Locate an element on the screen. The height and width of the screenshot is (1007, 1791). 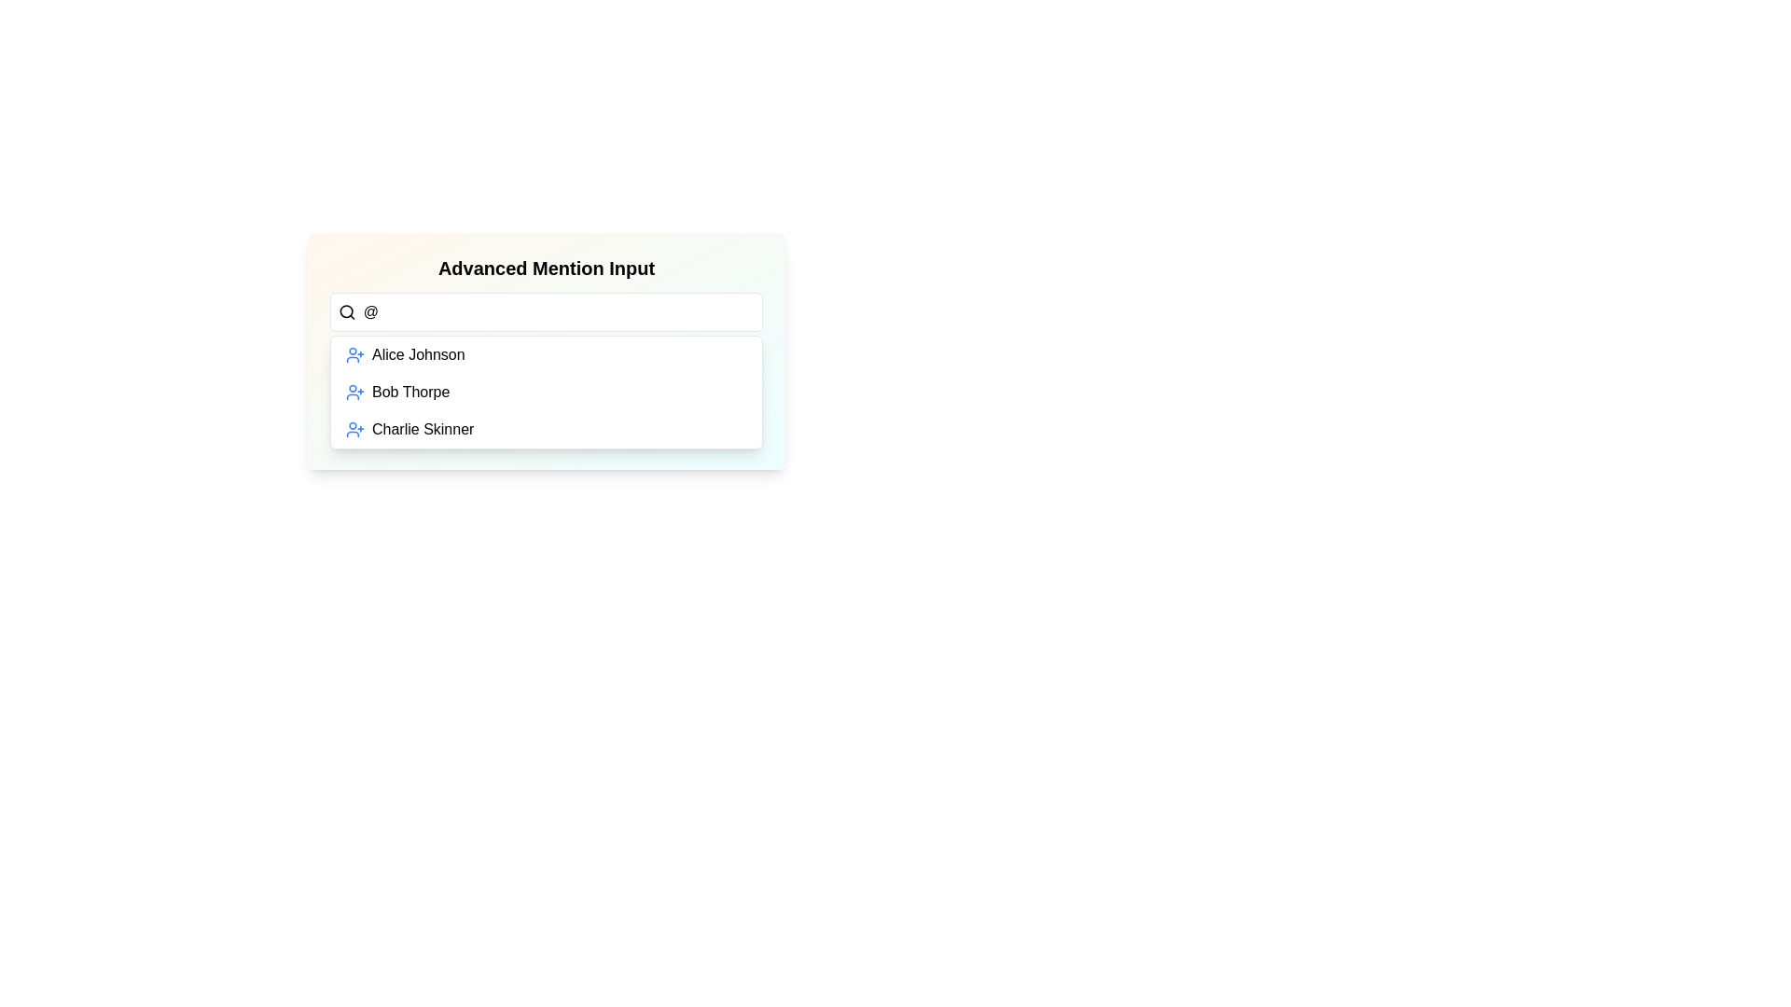
the list item labeled 'Bob Thorpe' in the dropdown menu is located at coordinates (545, 391).